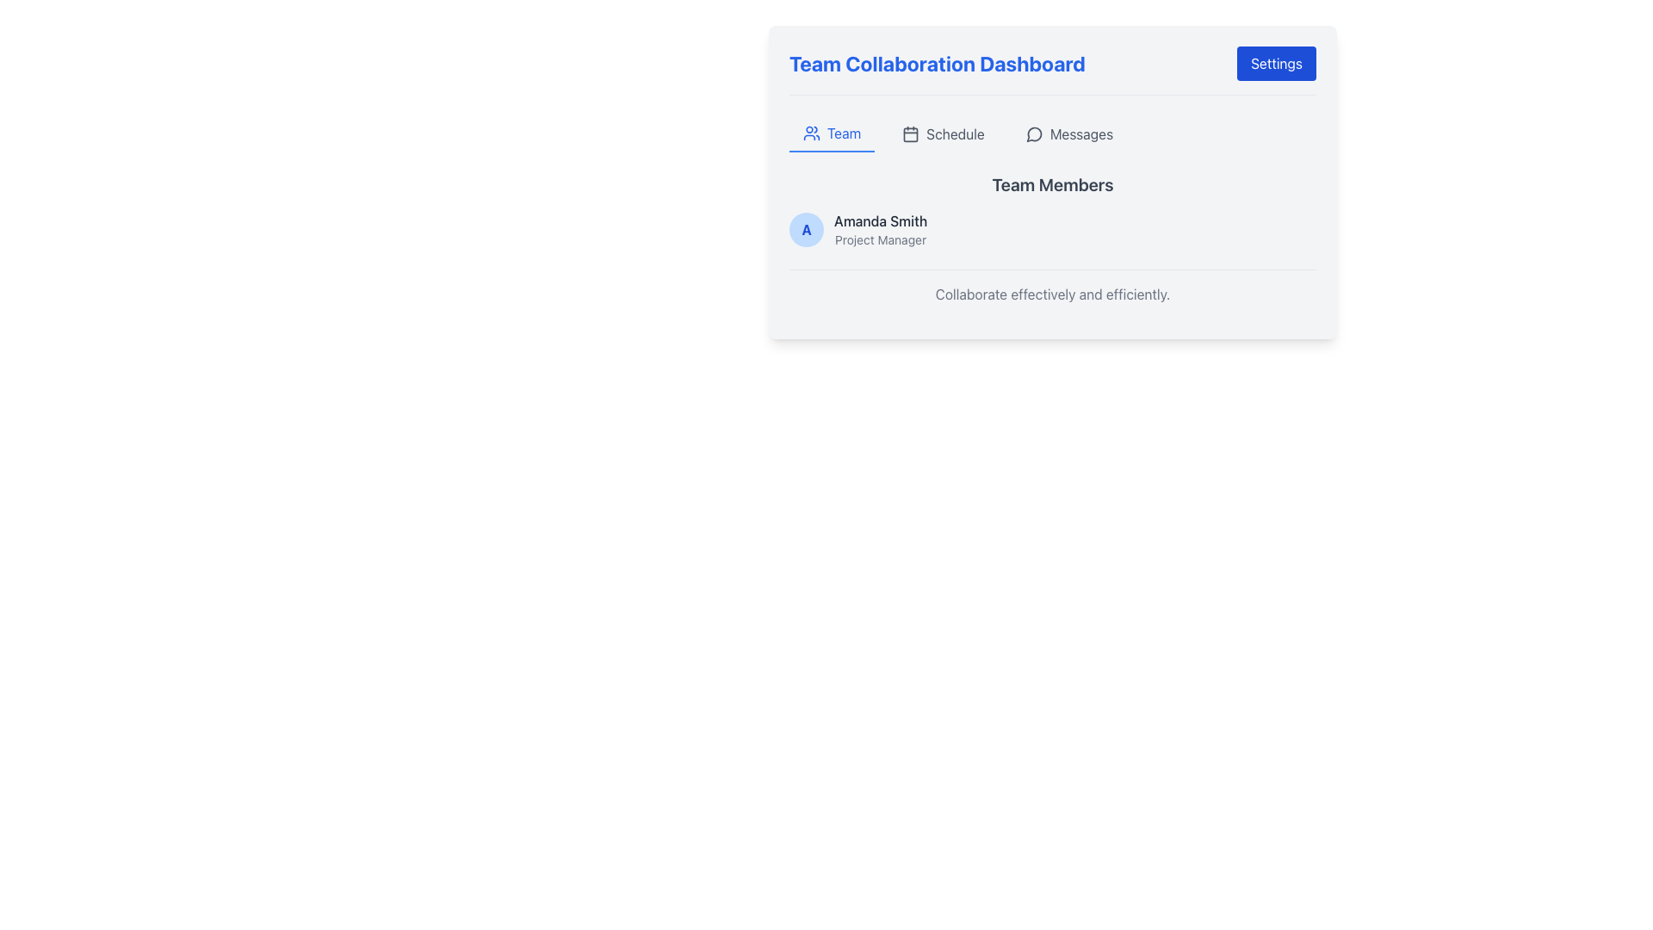  What do you see at coordinates (805, 228) in the screenshot?
I see `the Avatar element featuring the letter 'A' in bold blue text on a light blue background` at bounding box center [805, 228].